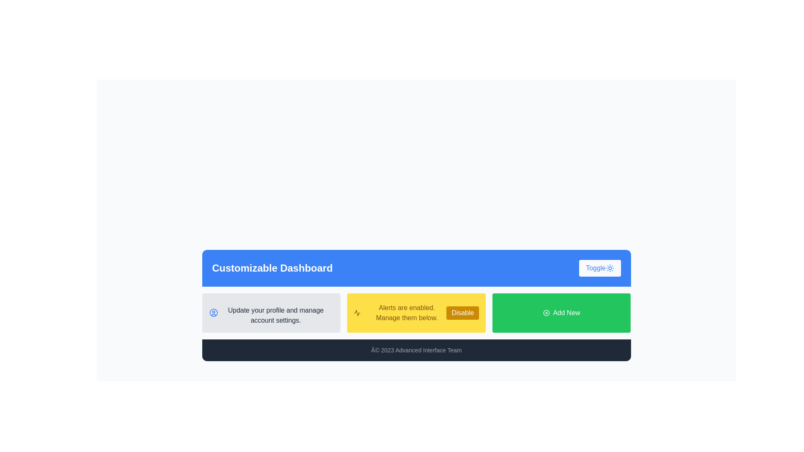 Image resolution: width=804 pixels, height=452 pixels. I want to click on the green 'Add New' button with white text located at the bottom right of the section, positioned to the right of the yellow 'Disable' button, to invoke the add new functionality, so click(562, 313).